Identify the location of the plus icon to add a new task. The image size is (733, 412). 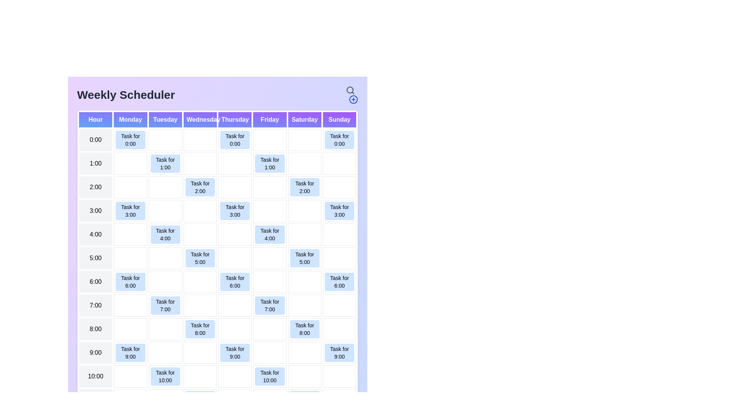
(353, 99).